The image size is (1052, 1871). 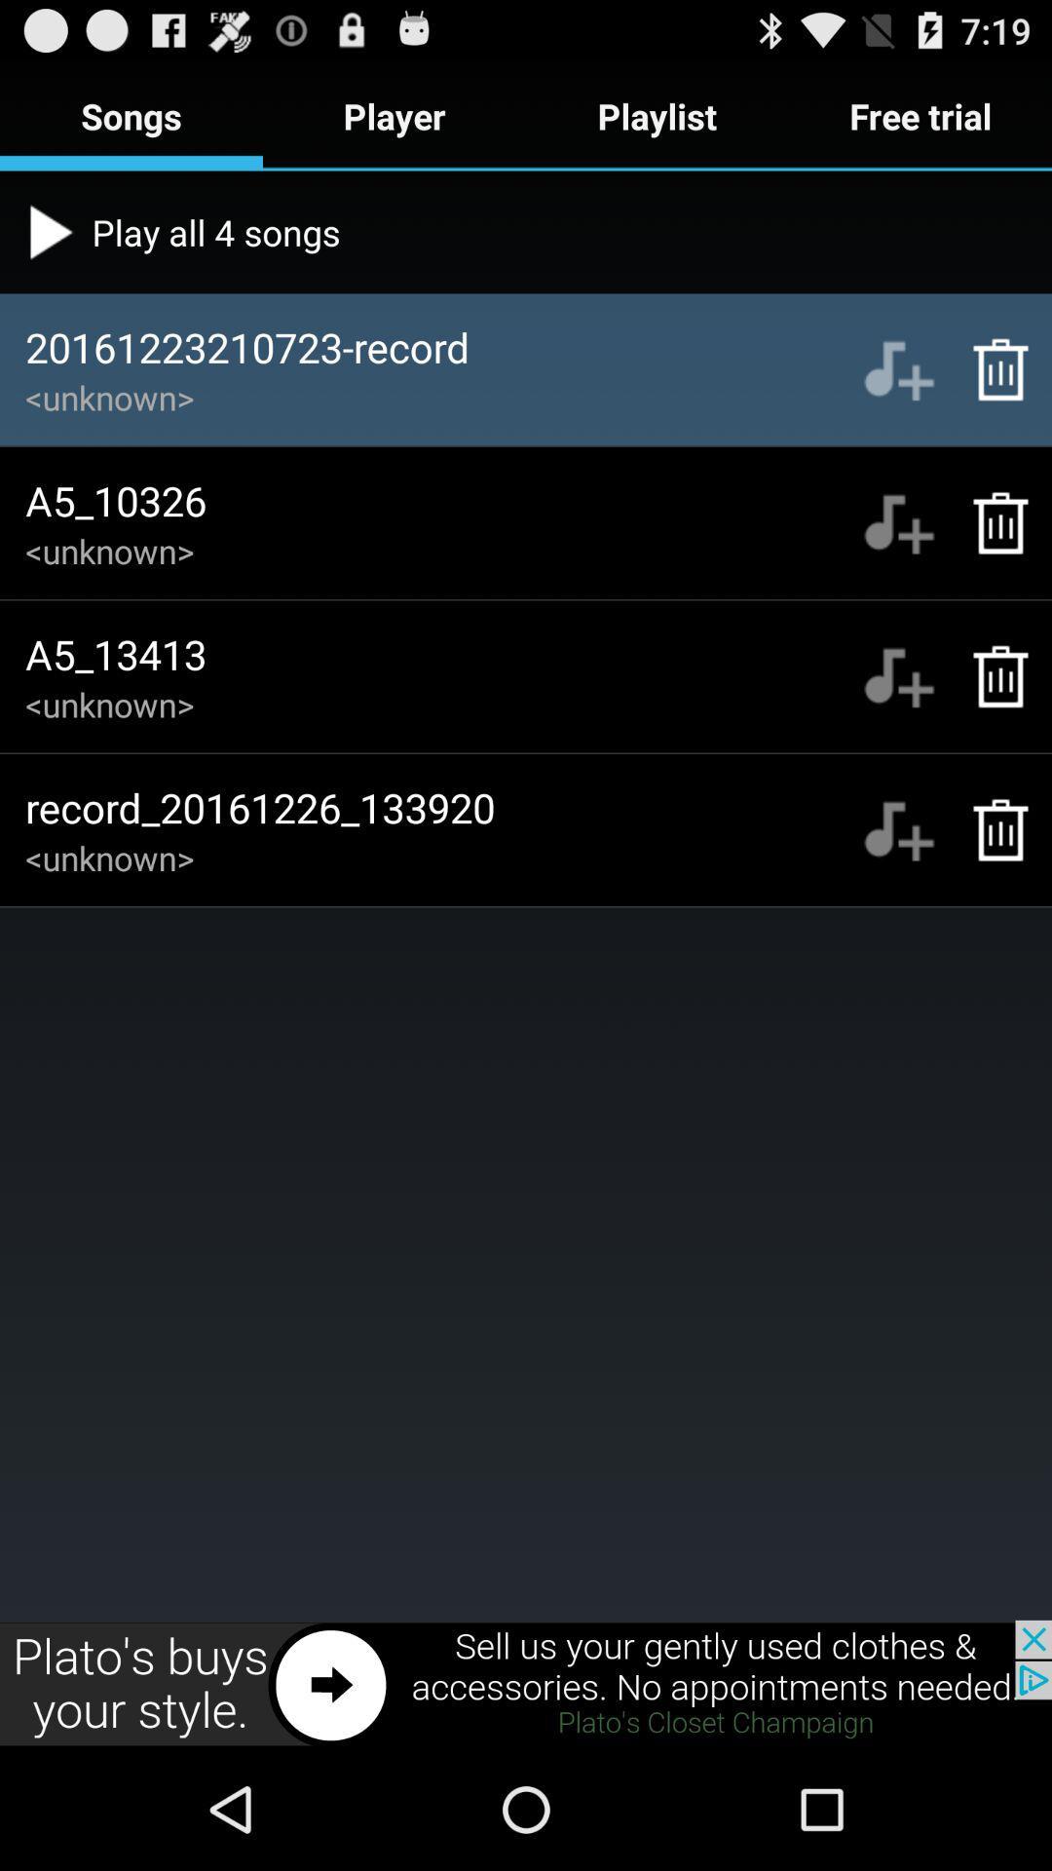 I want to click on the delete, so click(x=991, y=829).